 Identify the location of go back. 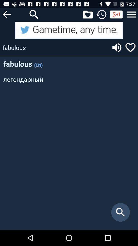
(6, 14).